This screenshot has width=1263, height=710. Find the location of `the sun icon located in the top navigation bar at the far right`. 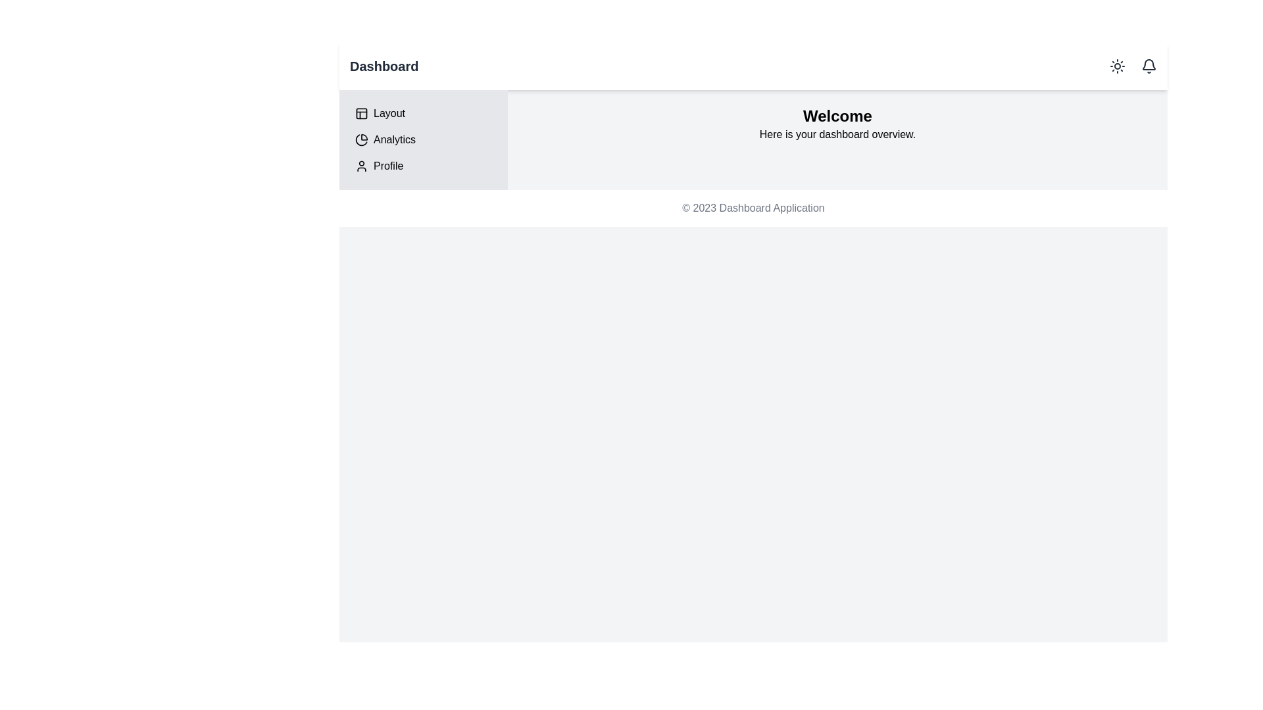

the sun icon located in the top navigation bar at the far right is located at coordinates (1117, 66).